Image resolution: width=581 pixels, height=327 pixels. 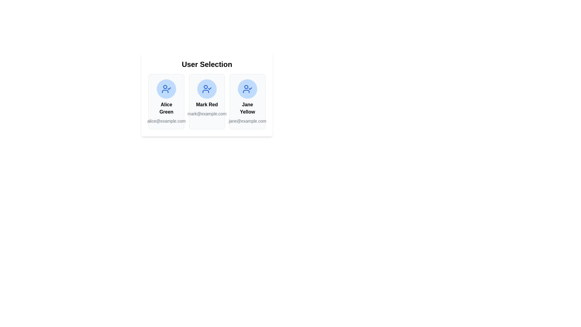 What do you see at coordinates (246, 87) in the screenshot?
I see `the decorative SVG Circle representing part of the user profile icon in the 'Jane Yellow' card by moving the cursor to its center` at bounding box center [246, 87].